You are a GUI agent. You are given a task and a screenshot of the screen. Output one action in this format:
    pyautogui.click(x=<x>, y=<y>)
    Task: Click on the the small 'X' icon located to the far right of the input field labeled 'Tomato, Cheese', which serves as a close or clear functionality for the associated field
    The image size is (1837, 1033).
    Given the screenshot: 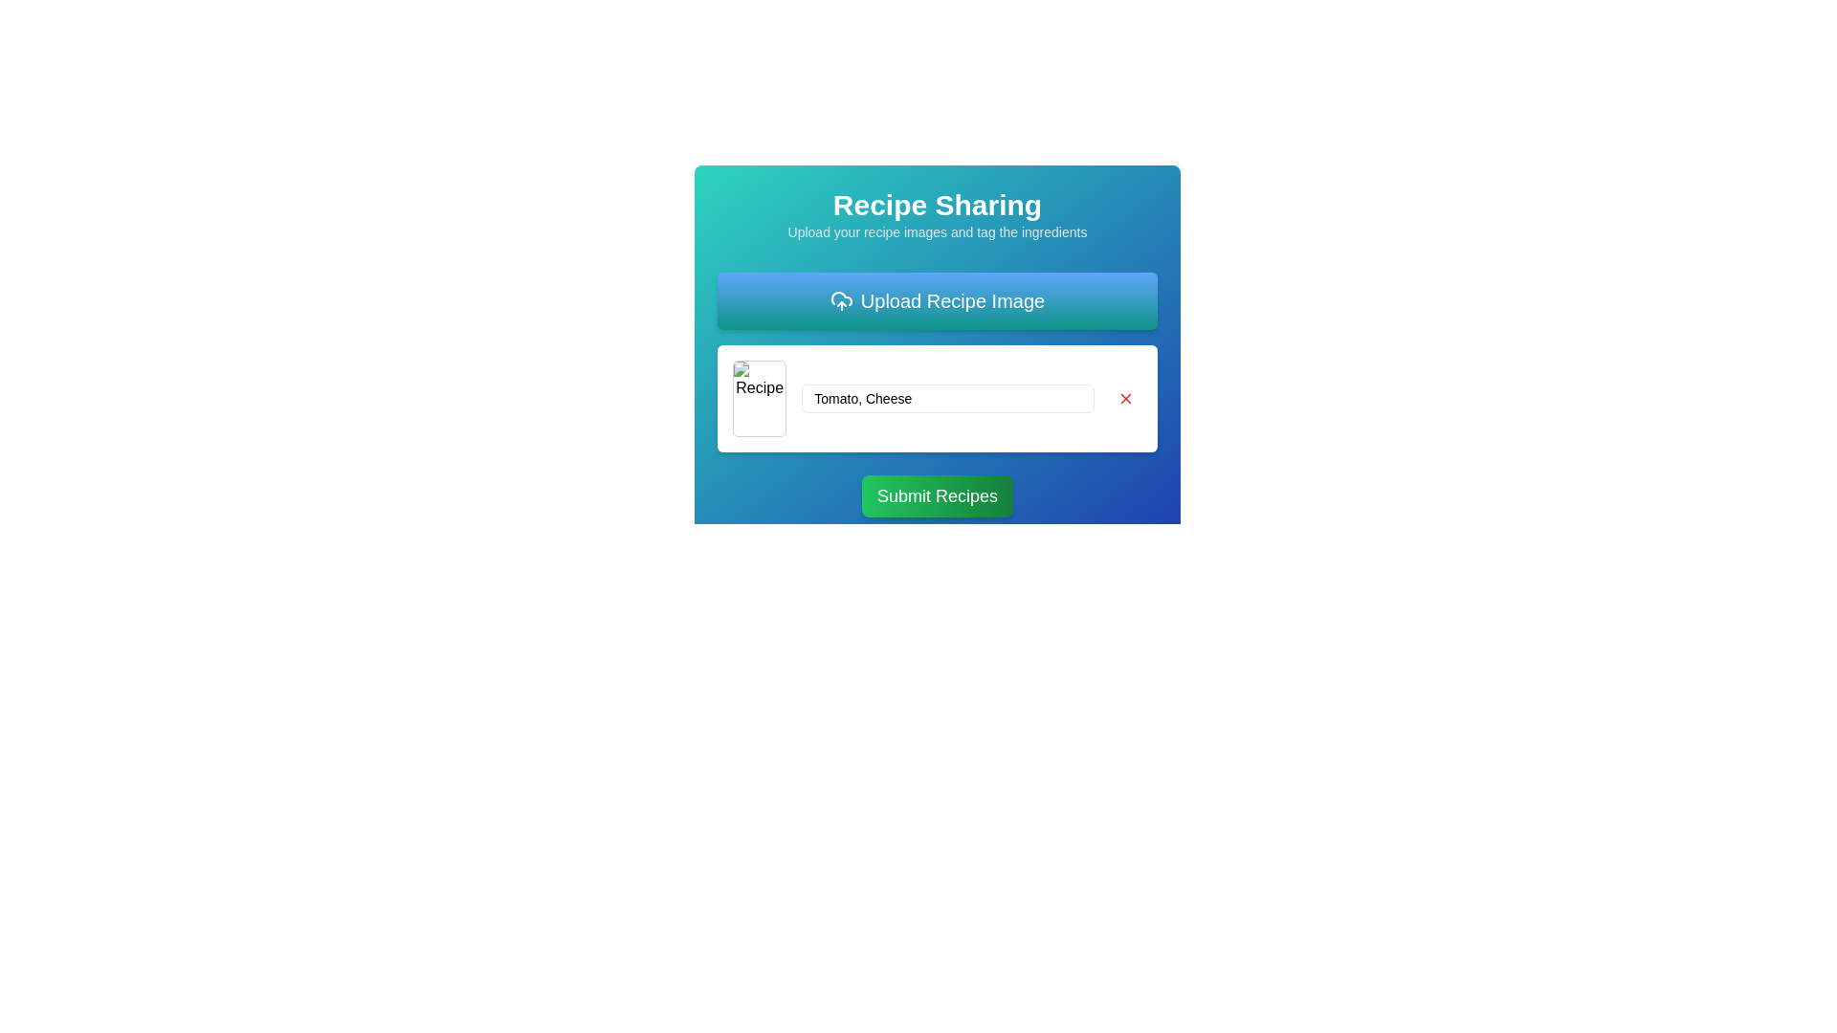 What is the action you would take?
    pyautogui.click(x=1125, y=397)
    